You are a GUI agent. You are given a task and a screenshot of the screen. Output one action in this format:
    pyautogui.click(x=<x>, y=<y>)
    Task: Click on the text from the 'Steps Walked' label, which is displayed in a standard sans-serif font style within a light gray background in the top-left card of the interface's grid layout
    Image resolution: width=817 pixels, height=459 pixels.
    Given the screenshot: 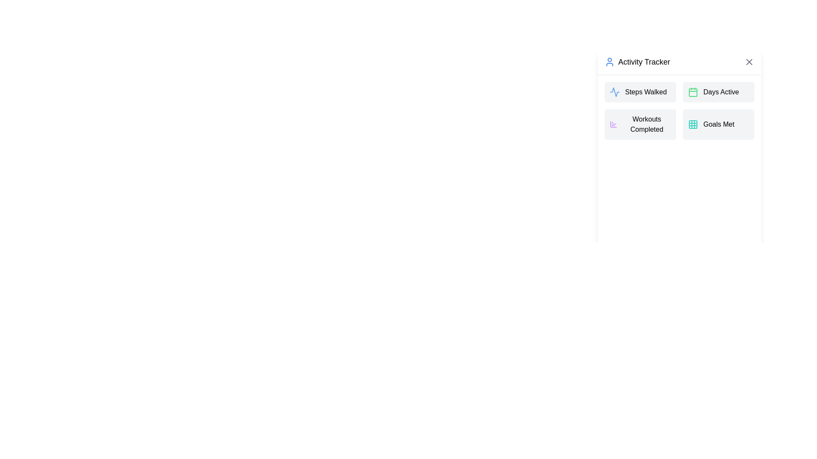 What is the action you would take?
    pyautogui.click(x=646, y=92)
    